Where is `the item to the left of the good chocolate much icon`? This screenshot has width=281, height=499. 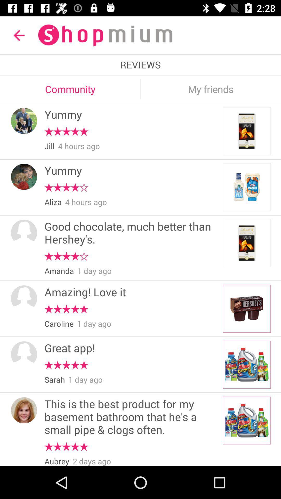
the item to the left of the good chocolate much icon is located at coordinates (24, 232).